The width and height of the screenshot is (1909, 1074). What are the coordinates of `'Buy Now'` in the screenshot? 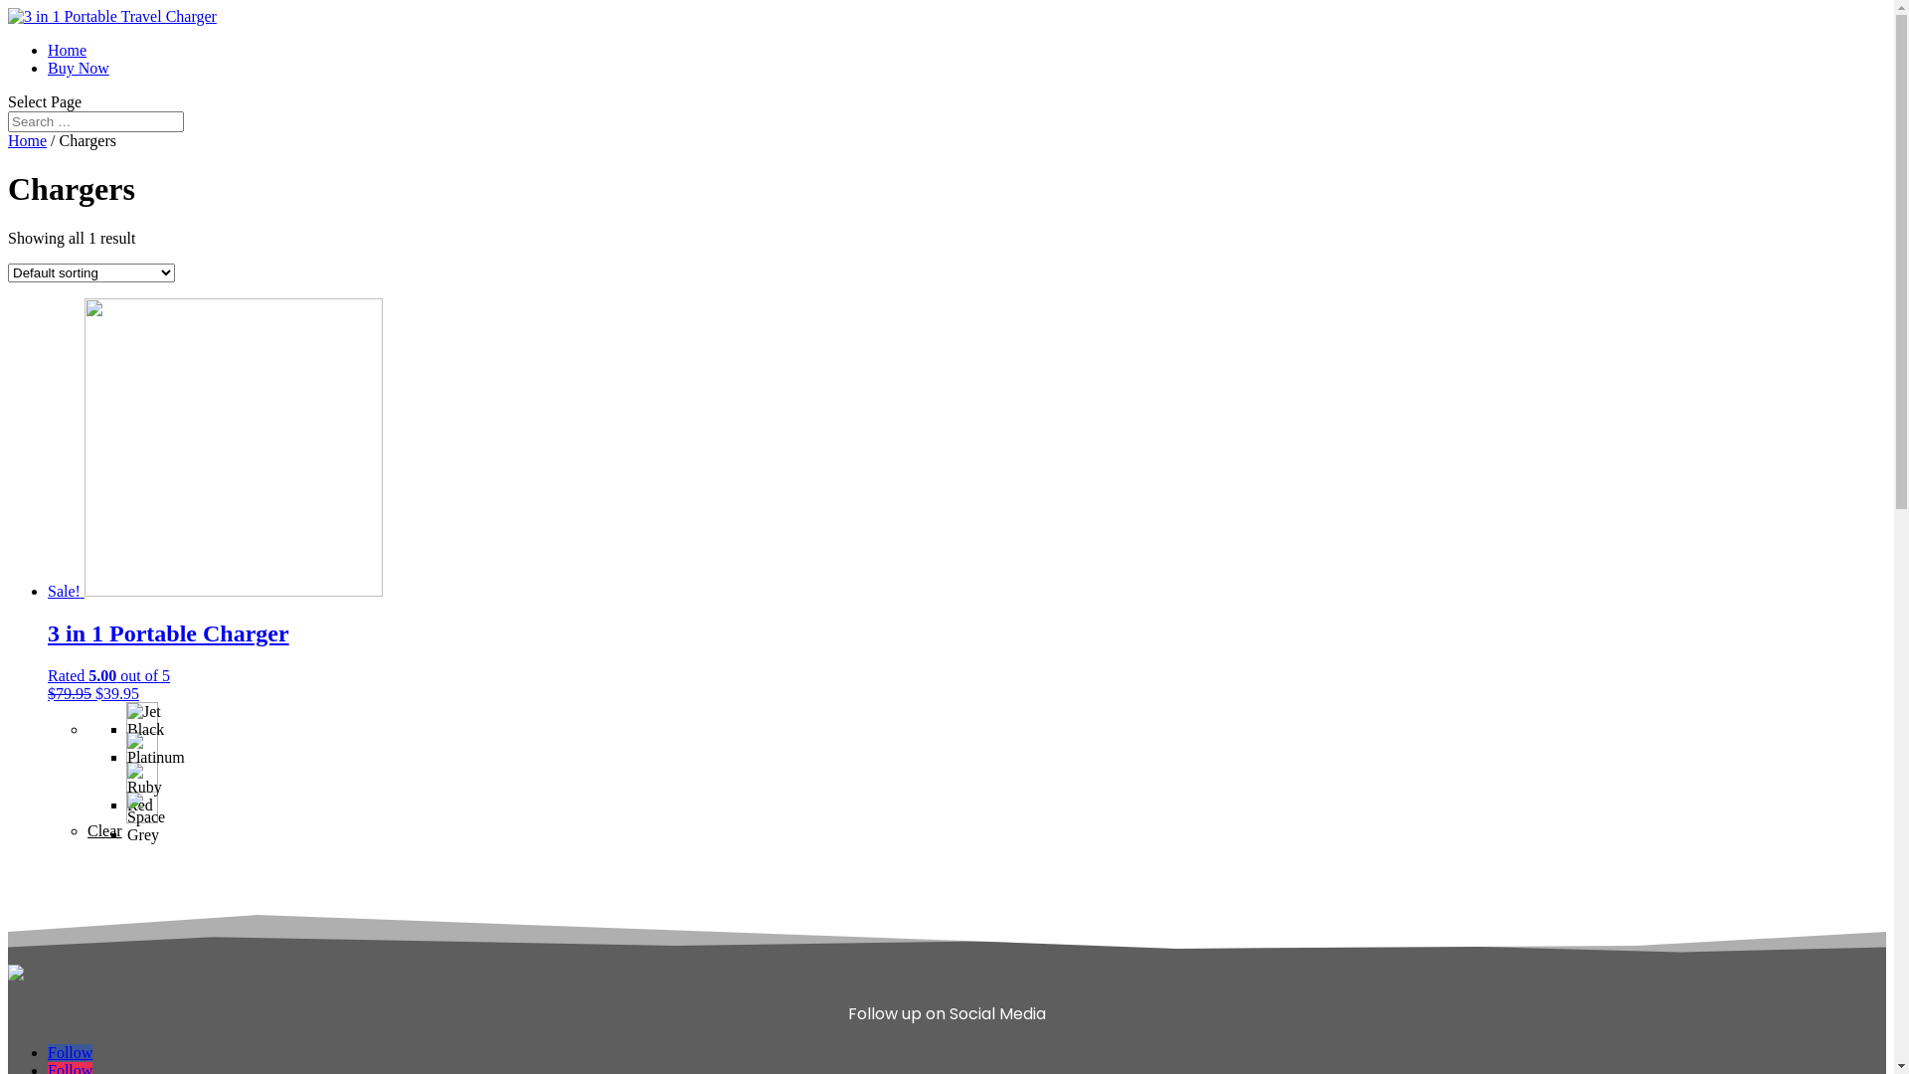 It's located at (78, 67).